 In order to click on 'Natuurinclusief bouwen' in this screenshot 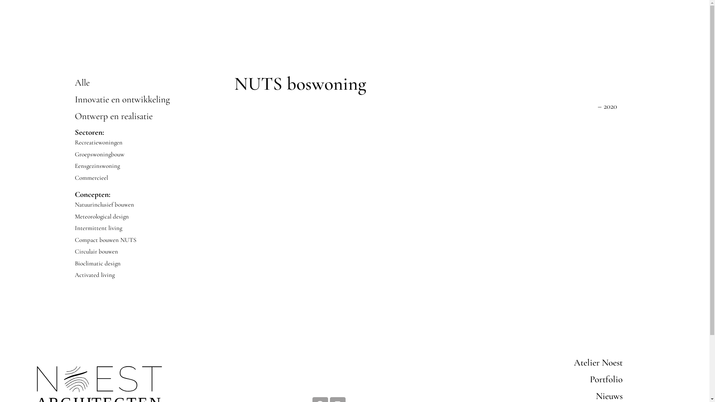, I will do `click(74, 204)`.